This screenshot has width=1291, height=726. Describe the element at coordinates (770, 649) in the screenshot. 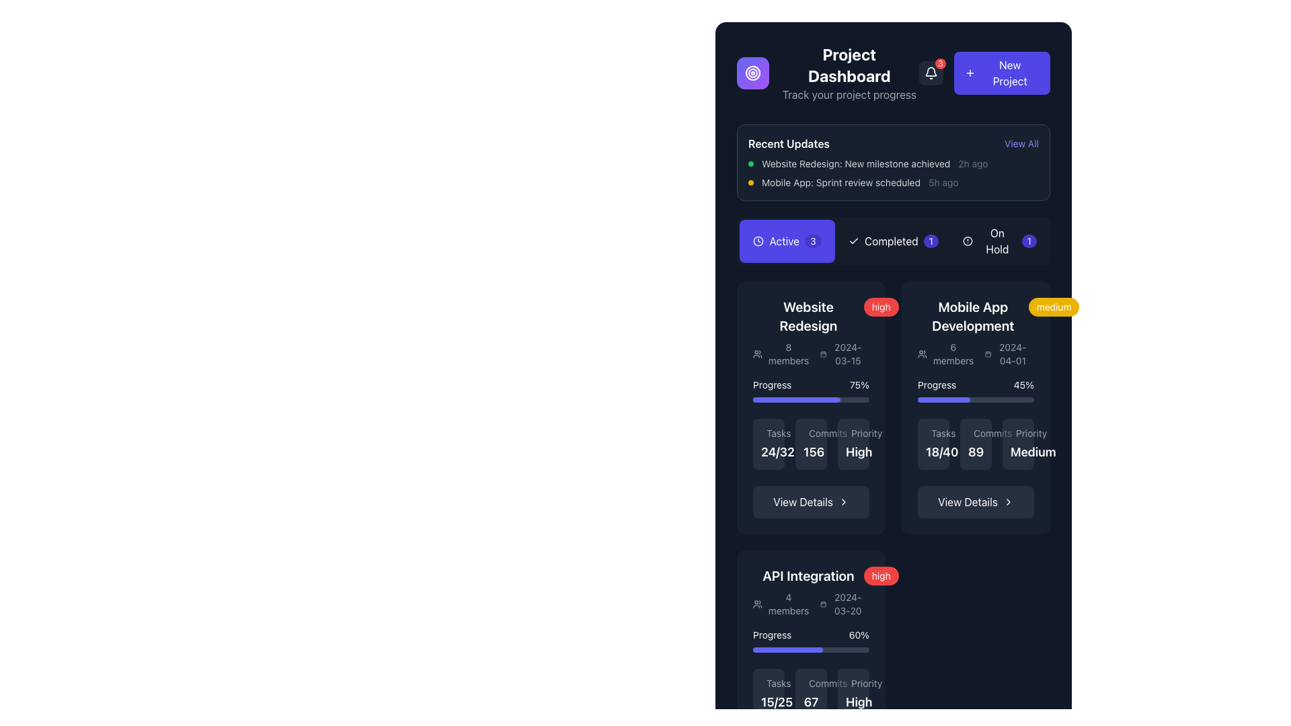

I see `progress bar` at that location.